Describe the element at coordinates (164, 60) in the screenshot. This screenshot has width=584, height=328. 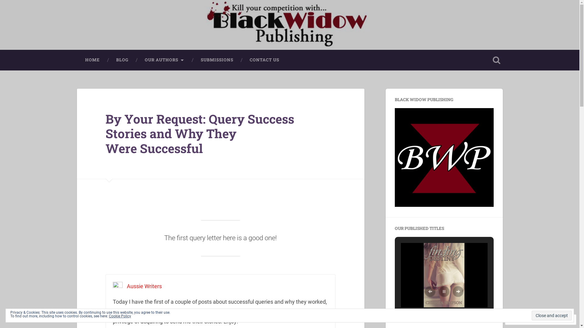
I see `'OUR AUTHORS'` at that location.